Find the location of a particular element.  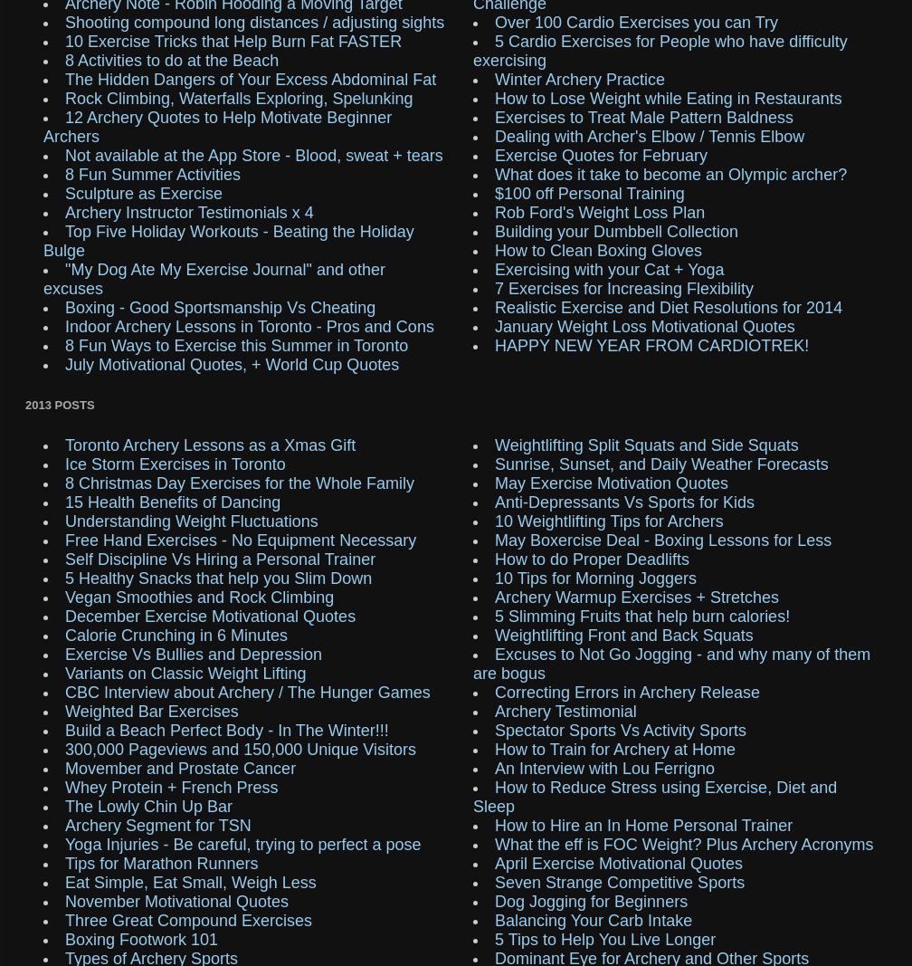

'Tips for Marathon Runners' is located at coordinates (161, 863).